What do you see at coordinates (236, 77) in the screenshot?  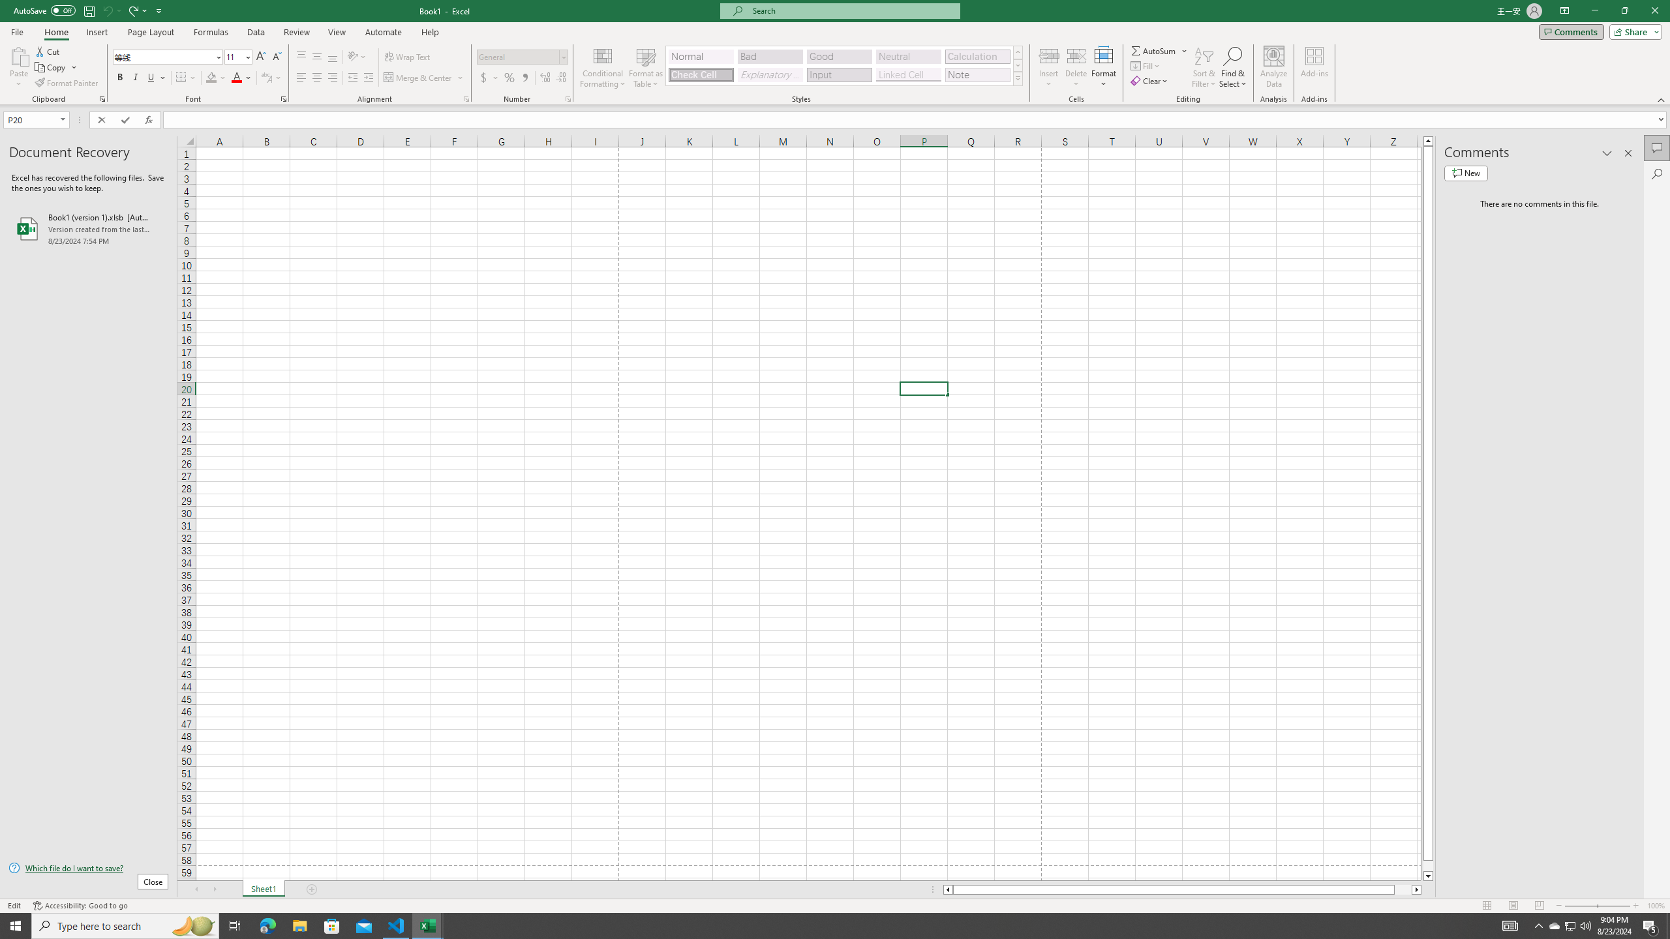 I see `'Font Color RGB(255, 0, 0)'` at bounding box center [236, 77].